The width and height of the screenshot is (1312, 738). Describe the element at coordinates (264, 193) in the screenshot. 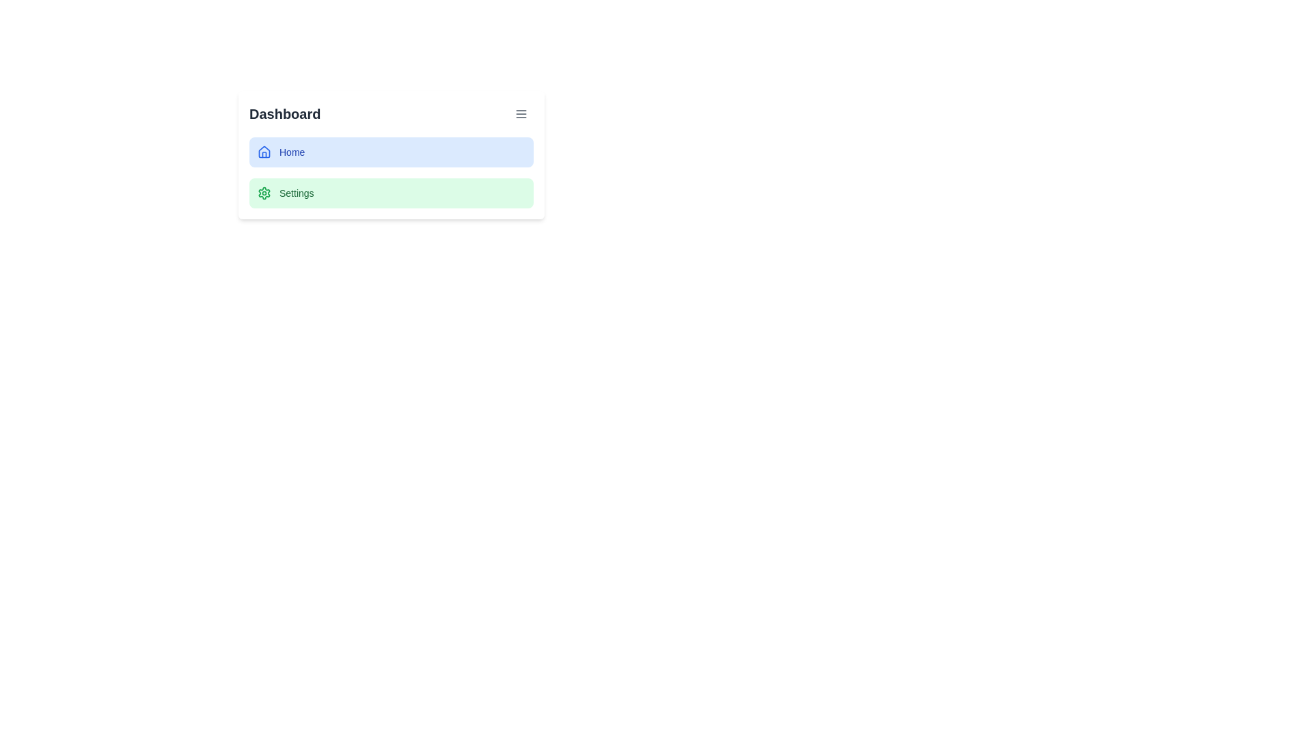

I see `the gear icon in the Settings section` at that location.